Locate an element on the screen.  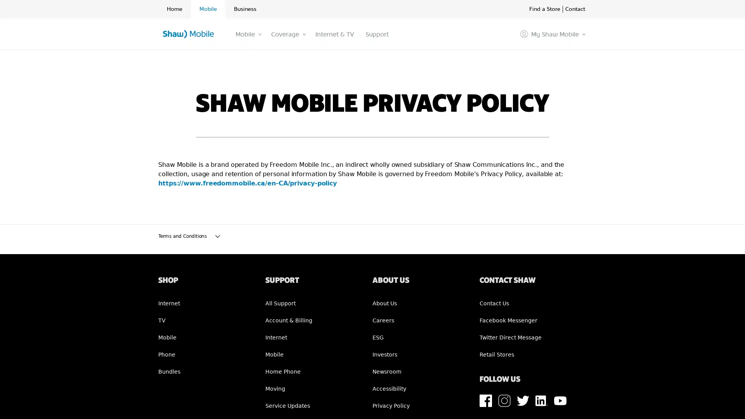
Support is located at coordinates (376, 34).